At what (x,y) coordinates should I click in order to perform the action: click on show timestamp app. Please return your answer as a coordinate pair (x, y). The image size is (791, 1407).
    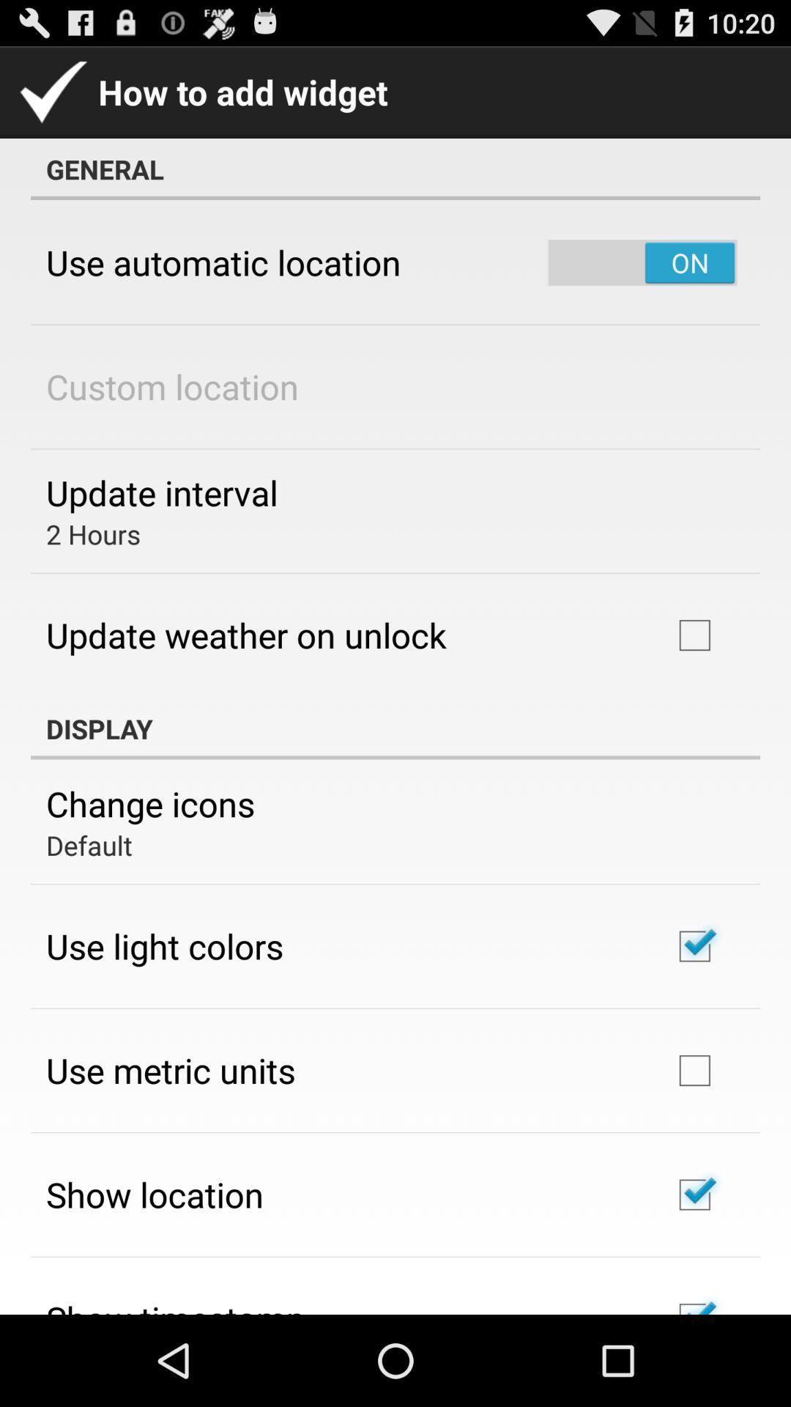
    Looking at the image, I should click on (174, 1304).